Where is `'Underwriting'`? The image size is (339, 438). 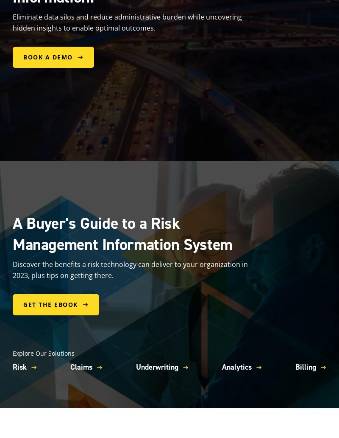 'Underwriting' is located at coordinates (156, 367).